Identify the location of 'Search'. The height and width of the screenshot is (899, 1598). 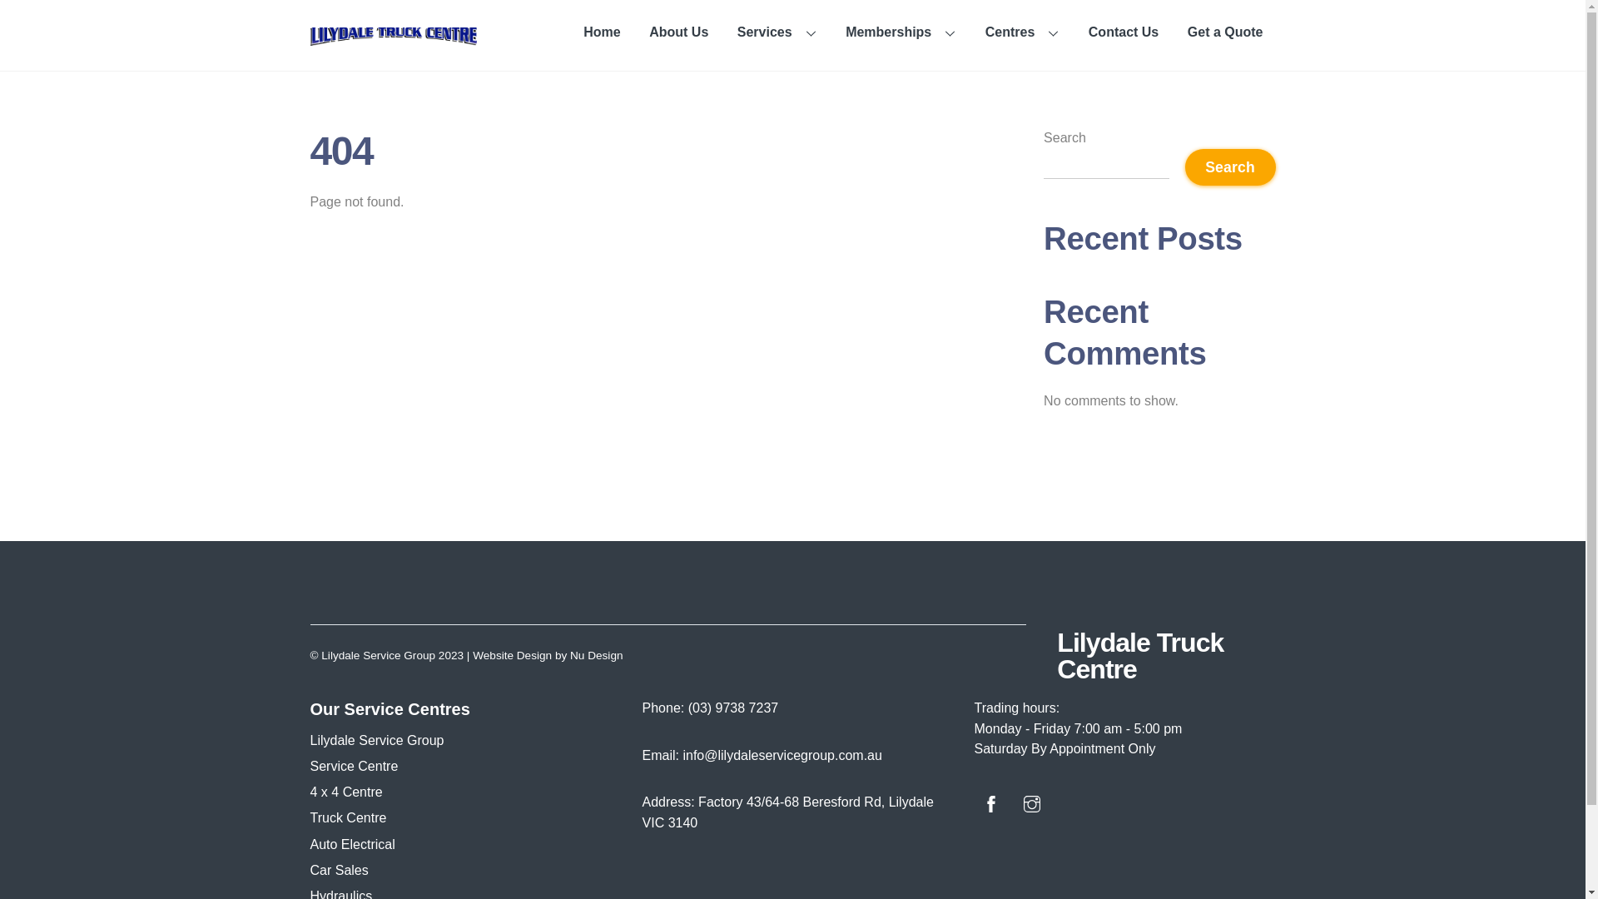
(1230, 166).